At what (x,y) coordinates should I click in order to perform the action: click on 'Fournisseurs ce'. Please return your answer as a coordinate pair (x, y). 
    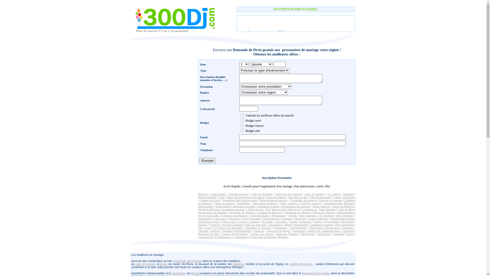
    Looking at the image, I should click on (224, 237).